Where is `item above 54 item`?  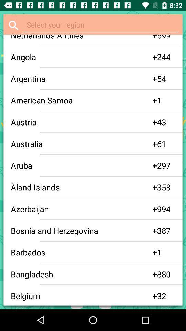 item above 54 item is located at coordinates (111, 68).